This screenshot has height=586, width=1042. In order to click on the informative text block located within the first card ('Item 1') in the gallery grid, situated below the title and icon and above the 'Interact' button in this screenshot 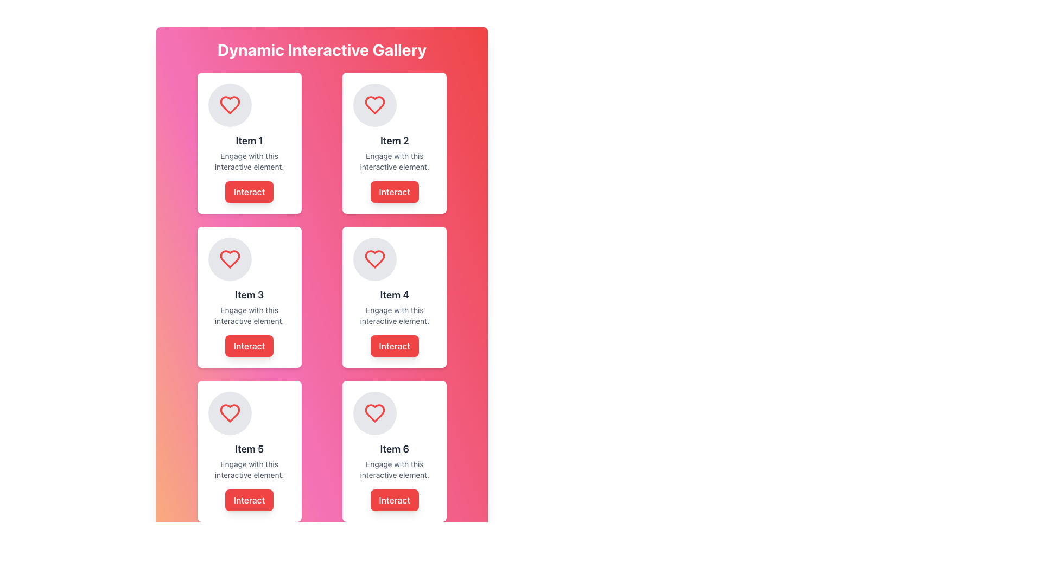, I will do `click(249, 161)`.